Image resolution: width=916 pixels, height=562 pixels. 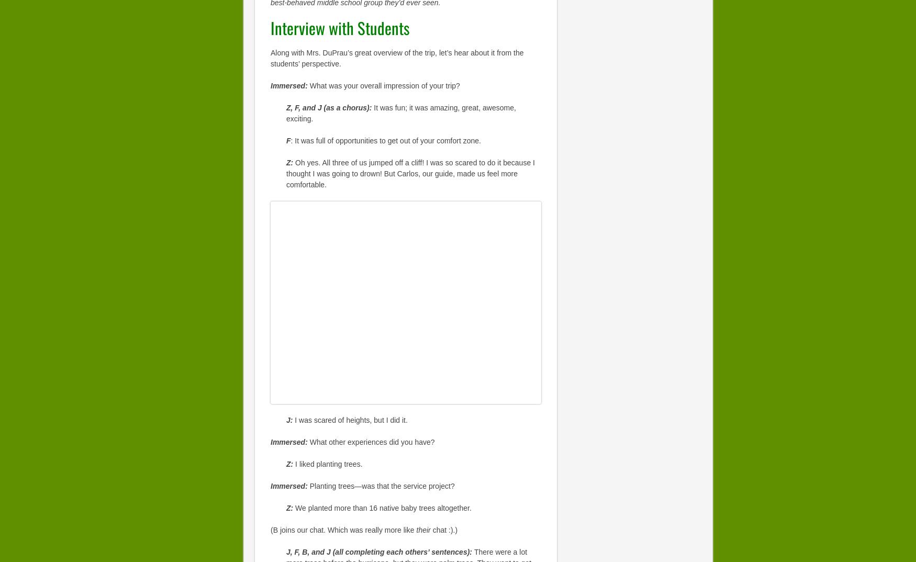 I want to click on ': It was full of opportunities to get out of your comfort zone.', so click(x=385, y=139).